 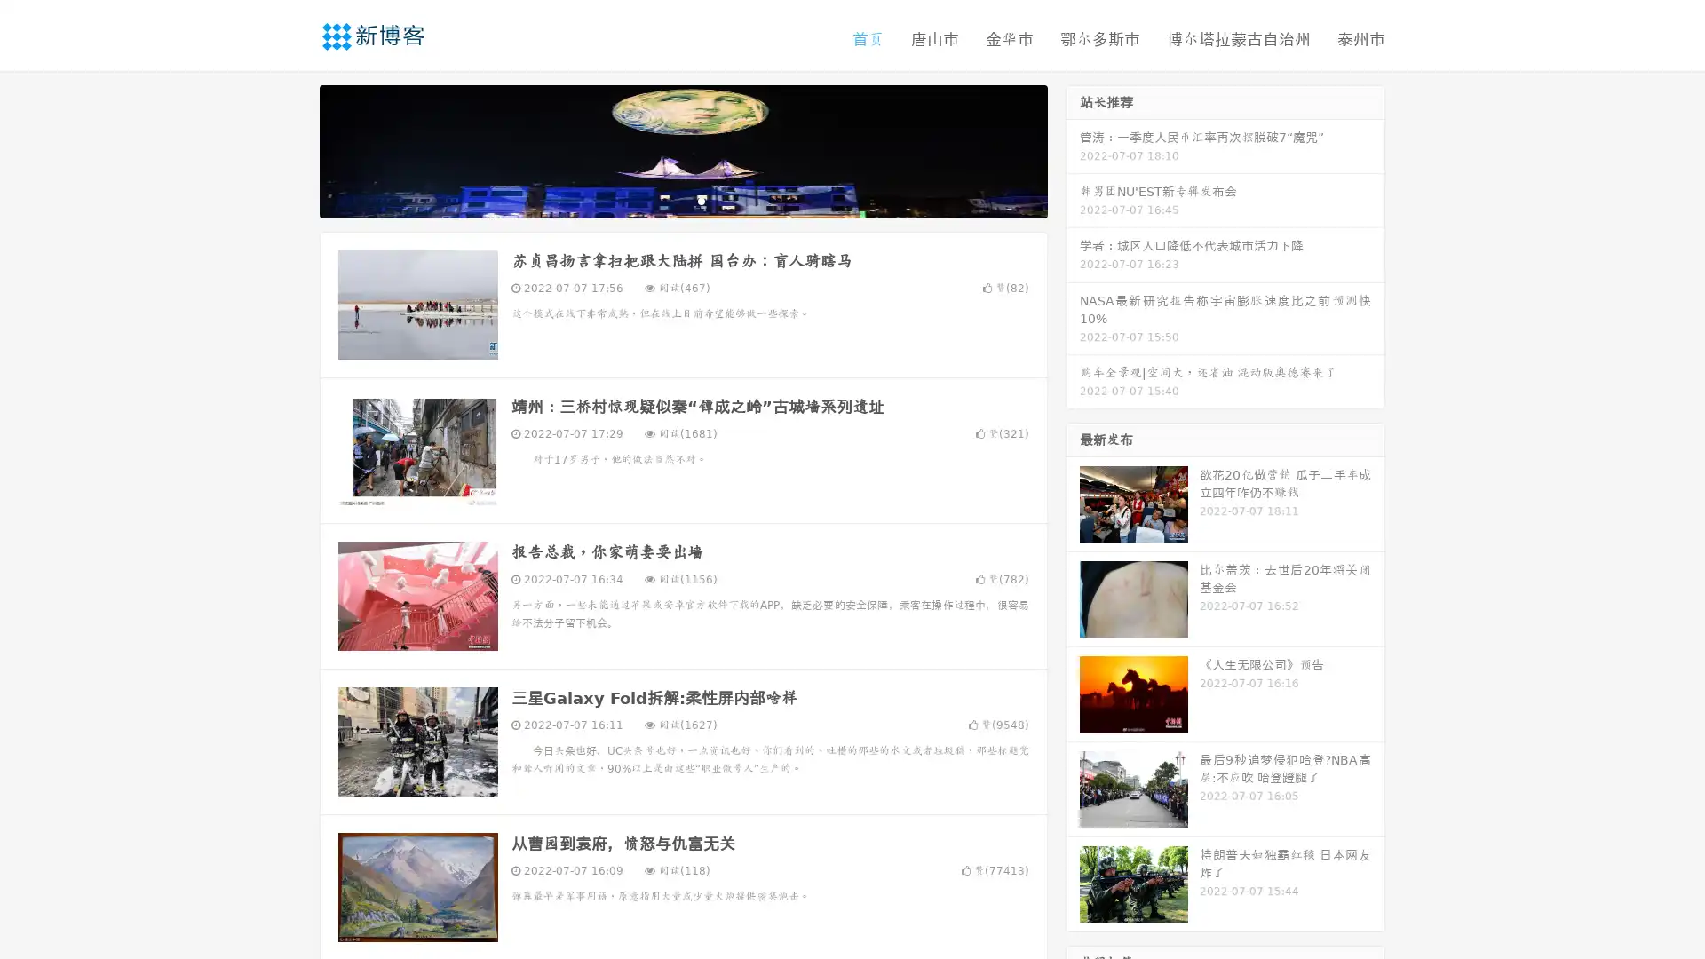 What do you see at coordinates (664, 200) in the screenshot?
I see `Go to slide 1` at bounding box center [664, 200].